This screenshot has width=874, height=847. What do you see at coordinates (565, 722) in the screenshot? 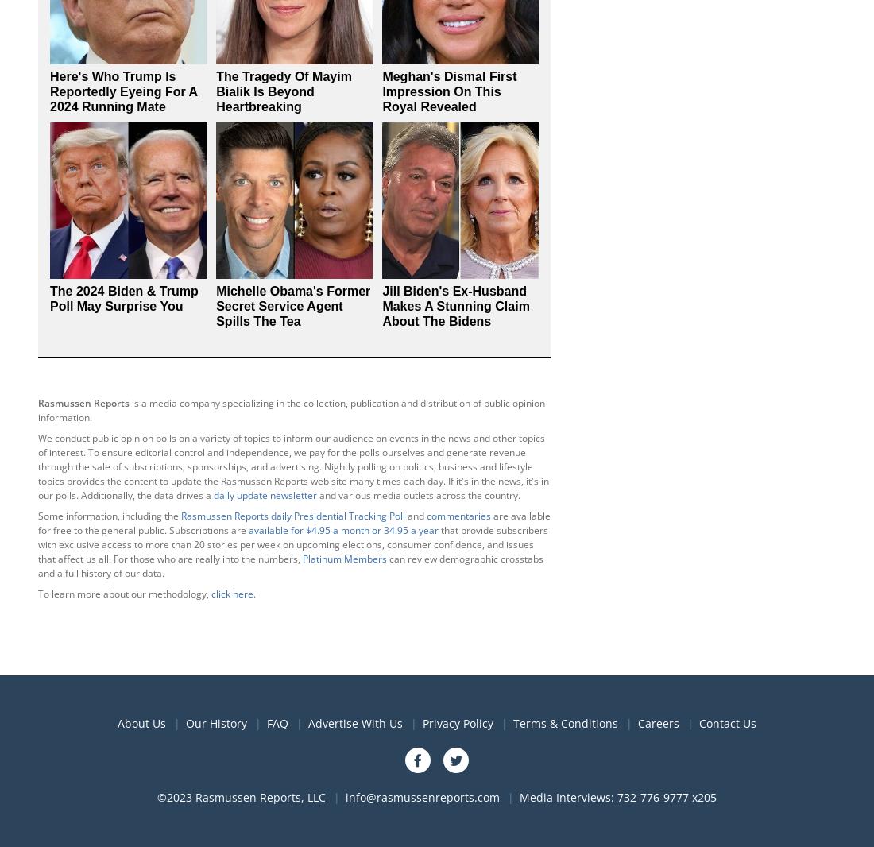
I see `'Terms & Conditions'` at bounding box center [565, 722].